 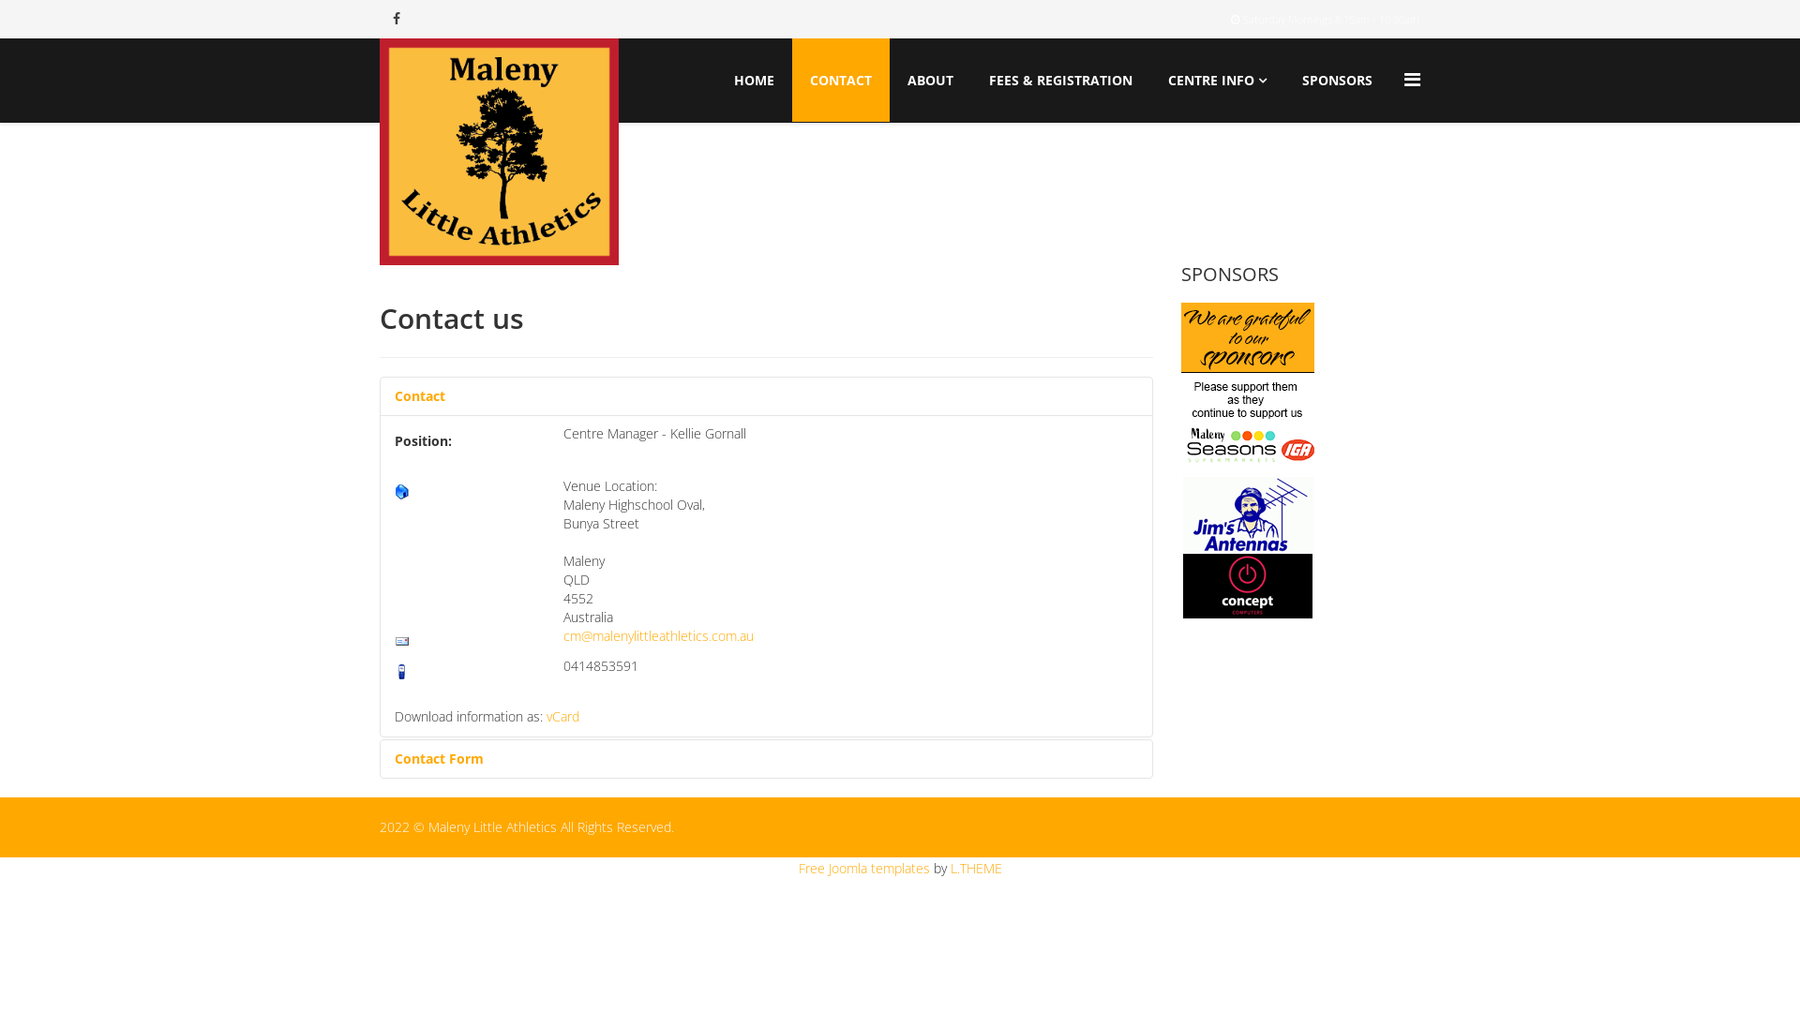 What do you see at coordinates (1217, 79) in the screenshot?
I see `'CENTRE INFO'` at bounding box center [1217, 79].